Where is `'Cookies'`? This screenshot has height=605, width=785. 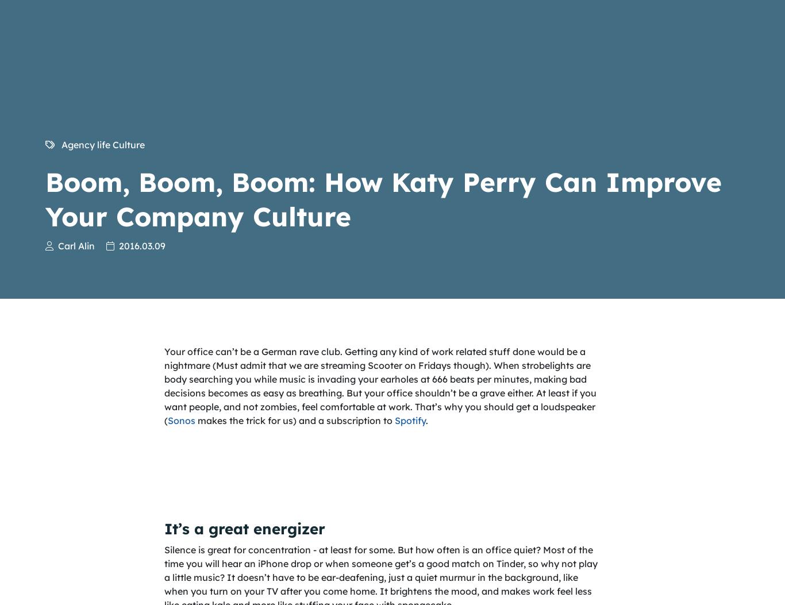
'Cookies' is located at coordinates (311, 94).